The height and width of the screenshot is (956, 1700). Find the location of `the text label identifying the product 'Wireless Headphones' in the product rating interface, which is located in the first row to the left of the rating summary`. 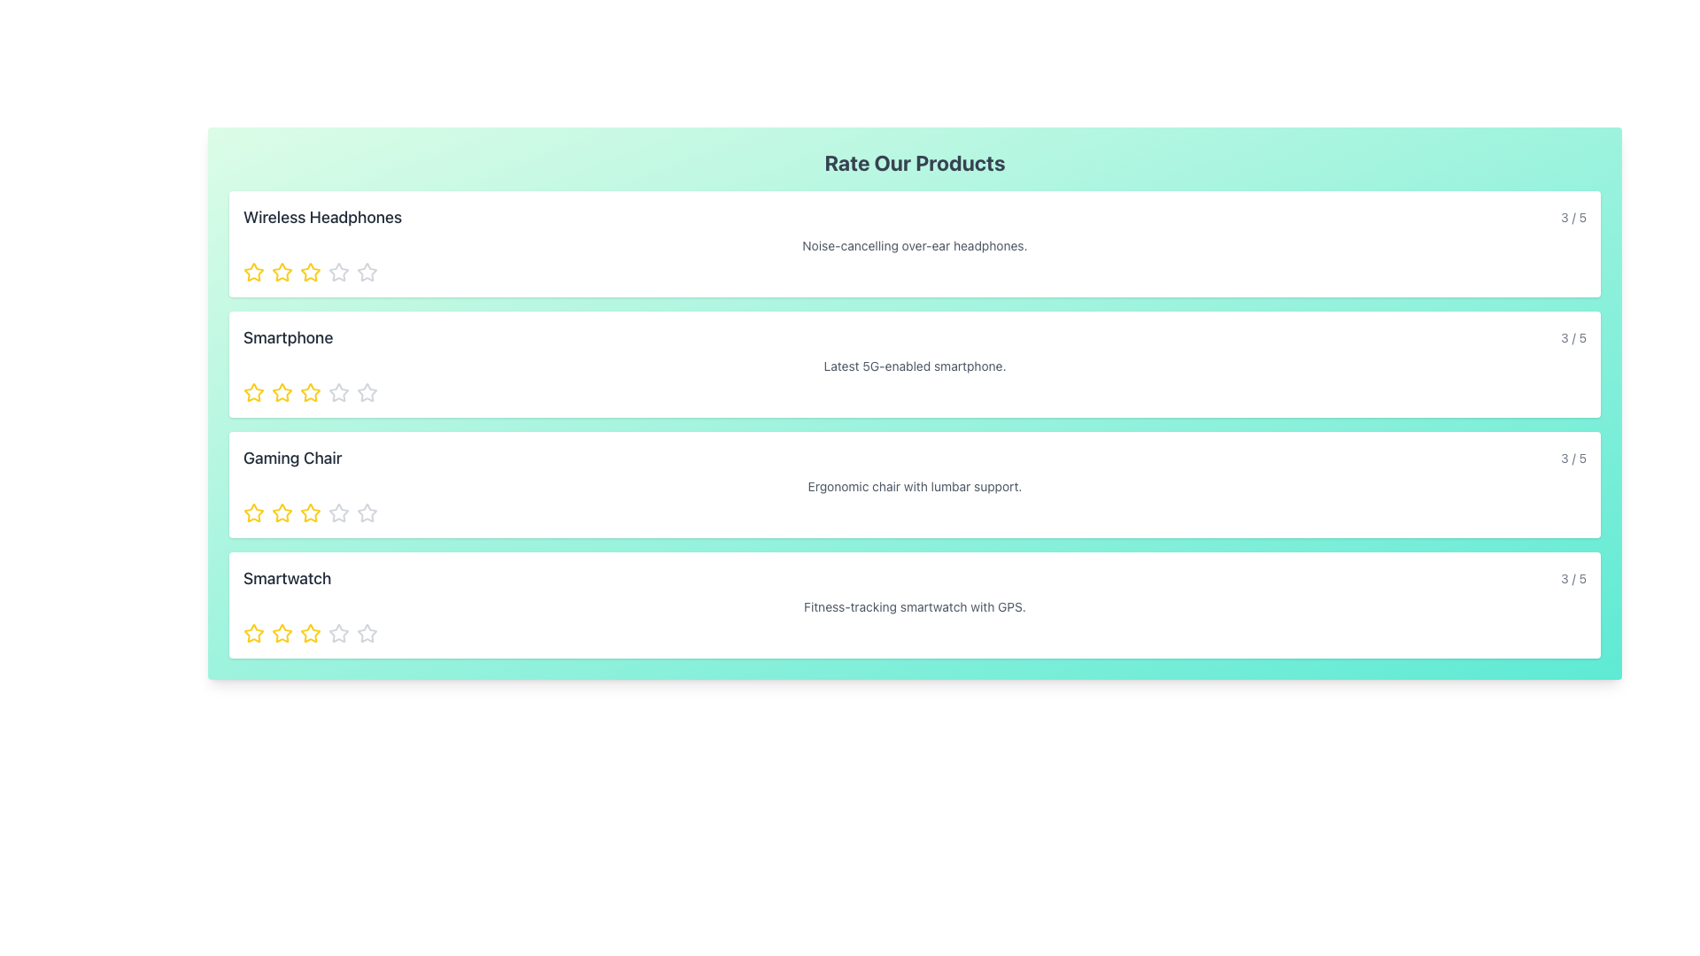

the text label identifying the product 'Wireless Headphones' in the product rating interface, which is located in the first row to the left of the rating summary is located at coordinates (322, 217).